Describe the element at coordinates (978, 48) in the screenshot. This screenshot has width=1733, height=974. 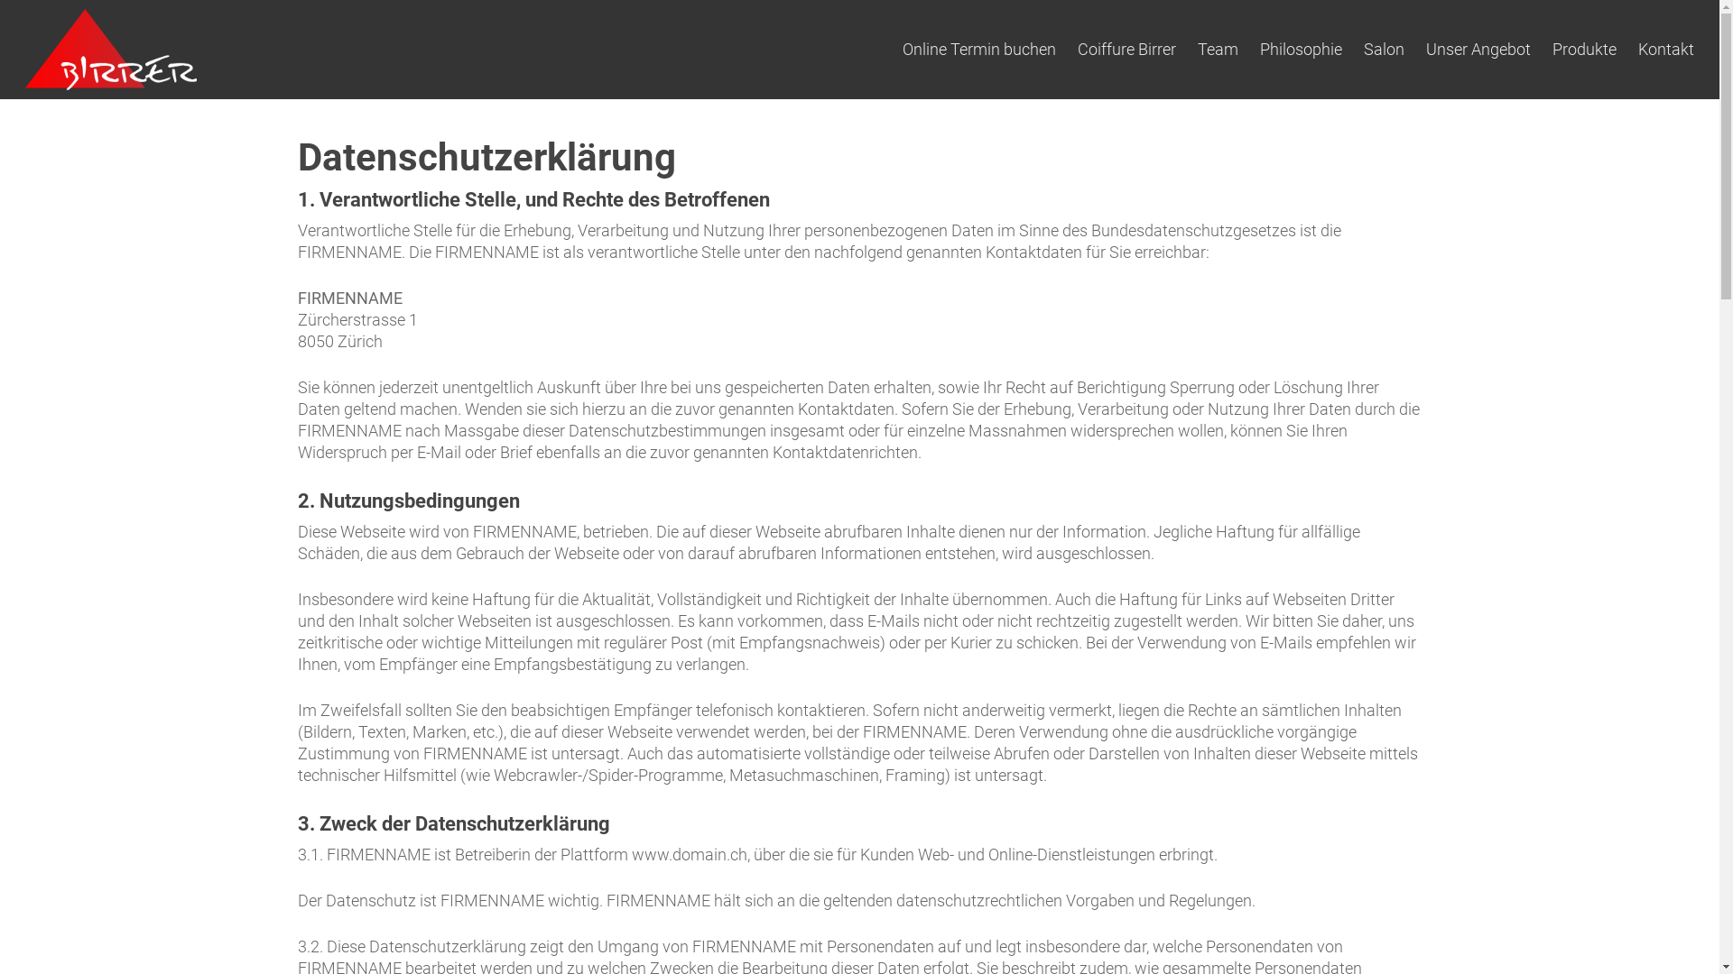
I see `'Online Termin buchen'` at that location.